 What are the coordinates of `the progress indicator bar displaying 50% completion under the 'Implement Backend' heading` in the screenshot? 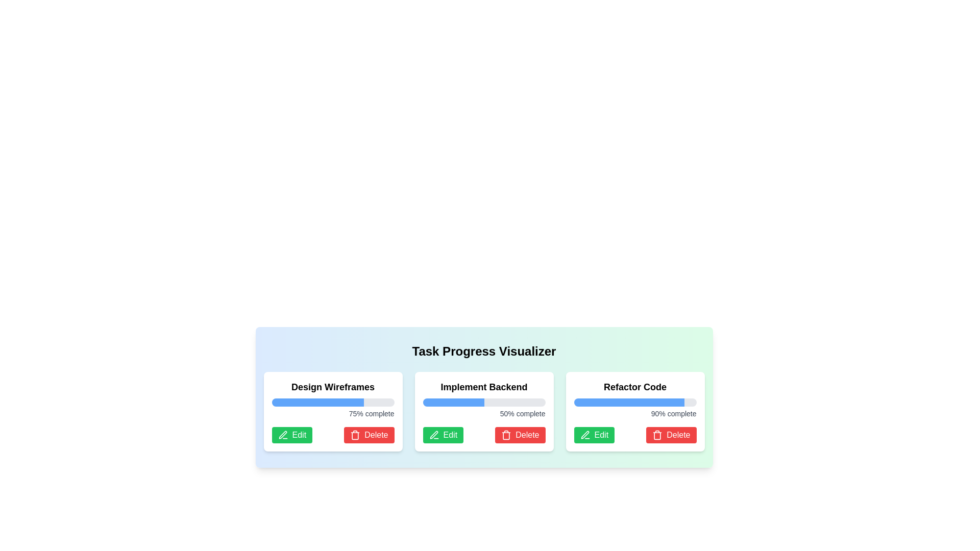 It's located at (453, 402).